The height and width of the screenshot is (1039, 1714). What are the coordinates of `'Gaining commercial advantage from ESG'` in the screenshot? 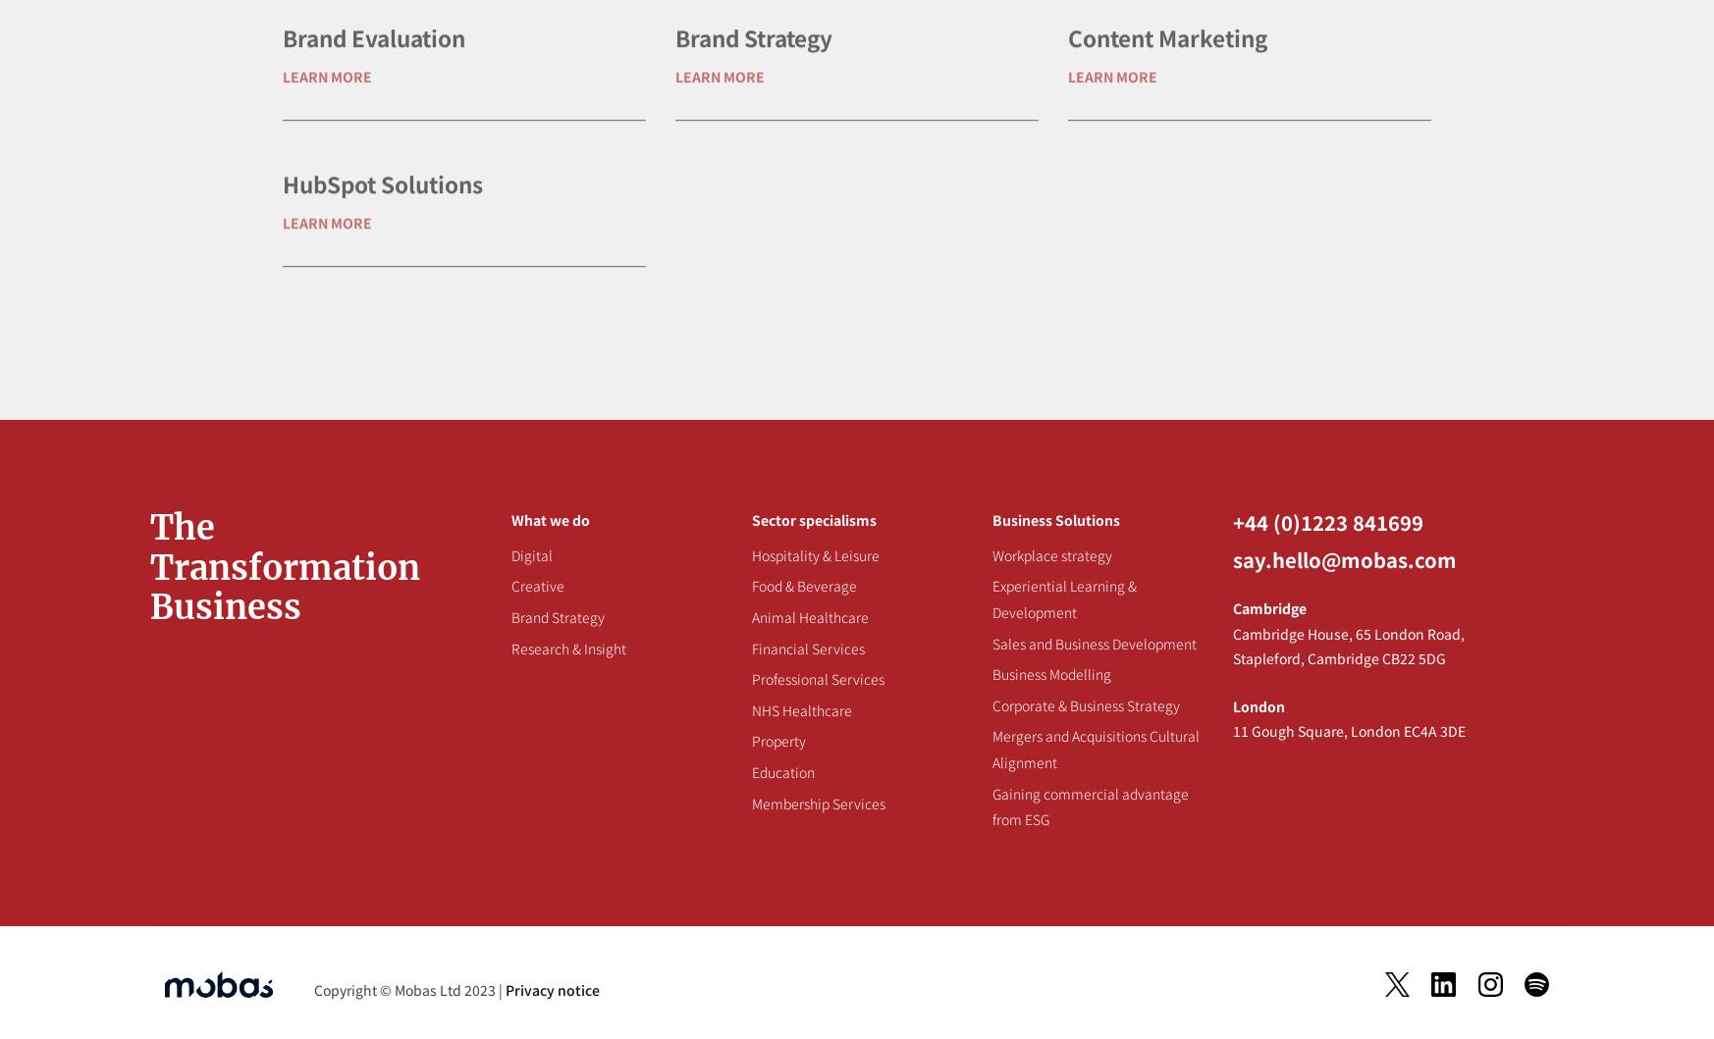 It's located at (1088, 805).